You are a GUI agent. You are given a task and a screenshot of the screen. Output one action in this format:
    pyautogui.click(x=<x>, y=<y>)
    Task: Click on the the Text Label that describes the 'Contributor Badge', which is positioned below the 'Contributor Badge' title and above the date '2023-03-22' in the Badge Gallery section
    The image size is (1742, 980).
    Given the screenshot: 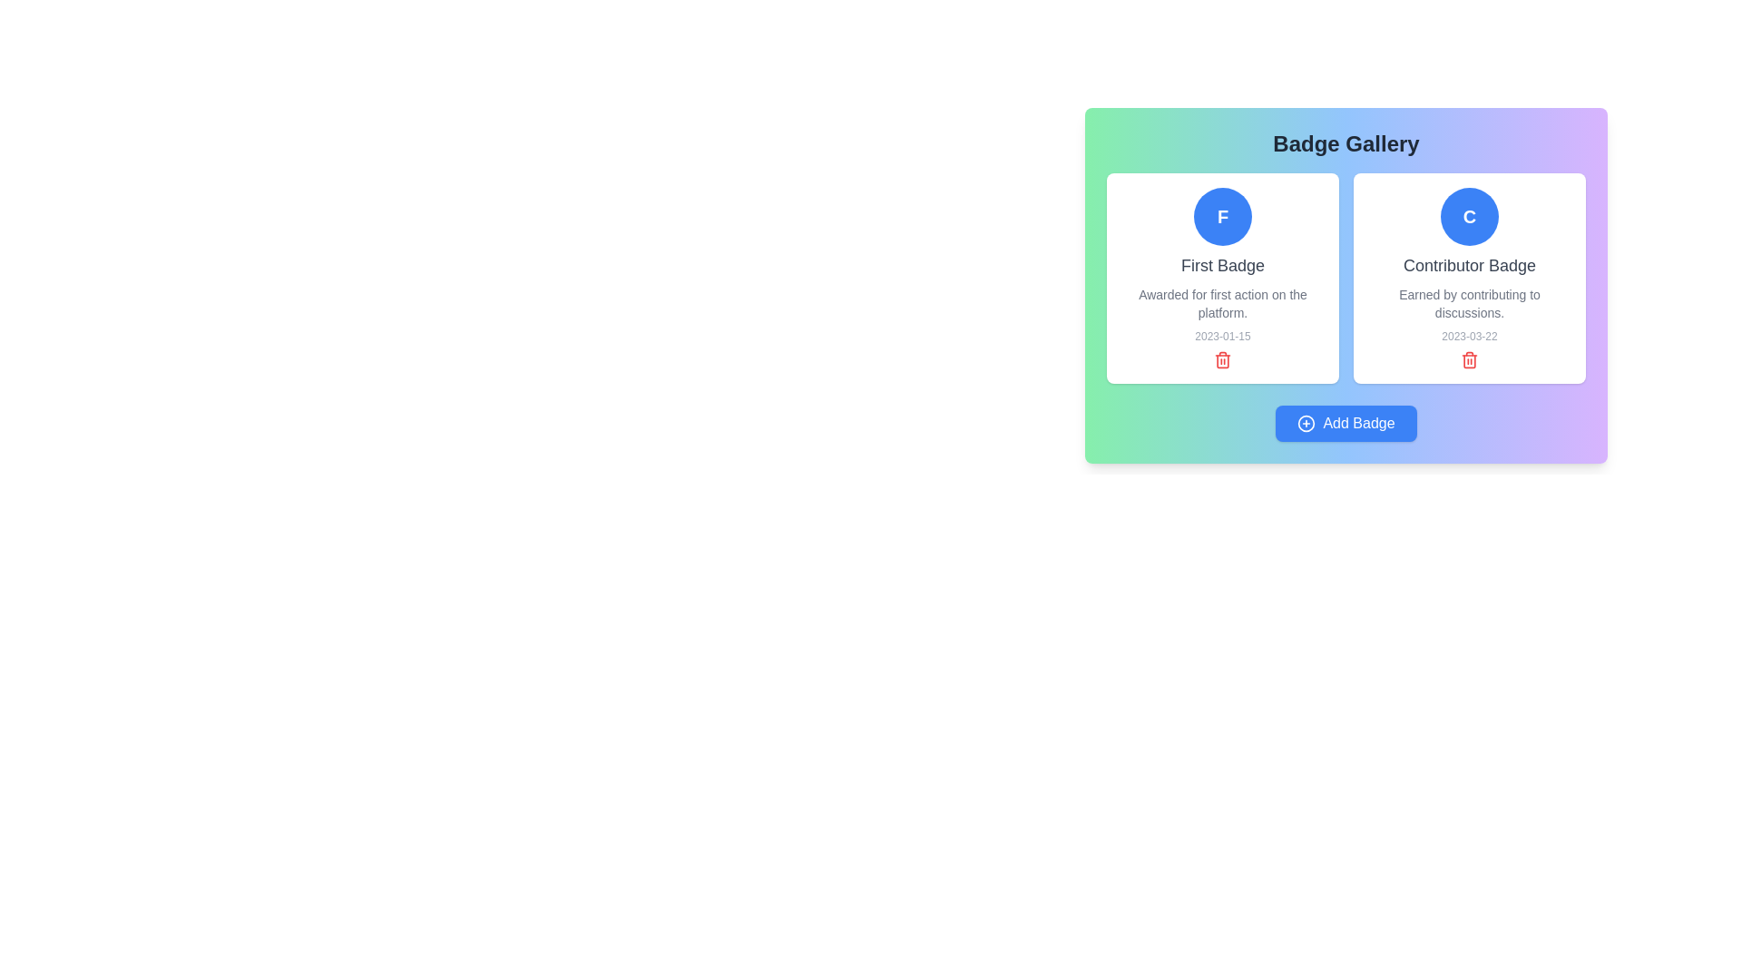 What is the action you would take?
    pyautogui.click(x=1470, y=303)
    